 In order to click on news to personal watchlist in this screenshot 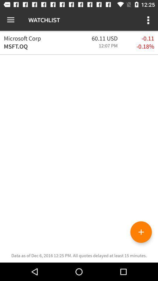, I will do `click(141, 232)`.